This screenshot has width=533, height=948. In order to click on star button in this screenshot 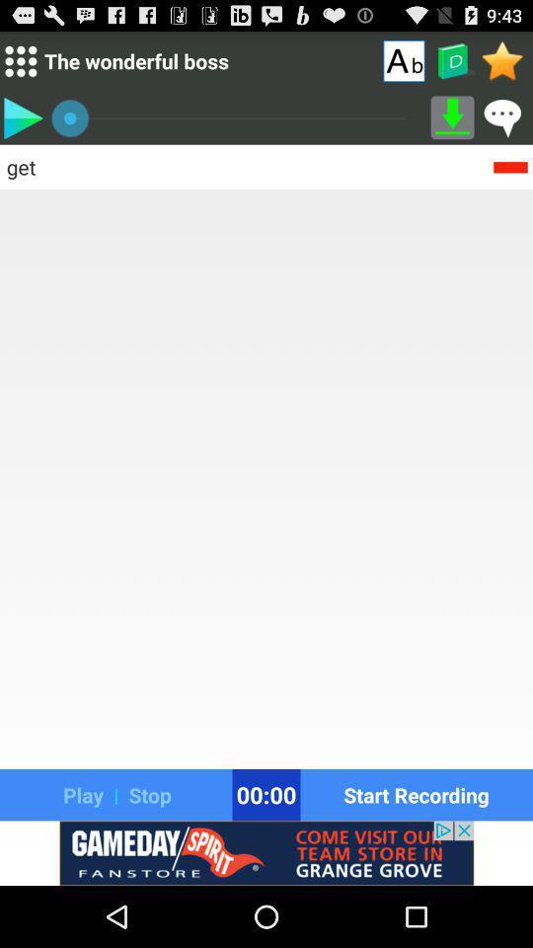, I will do `click(502, 60)`.